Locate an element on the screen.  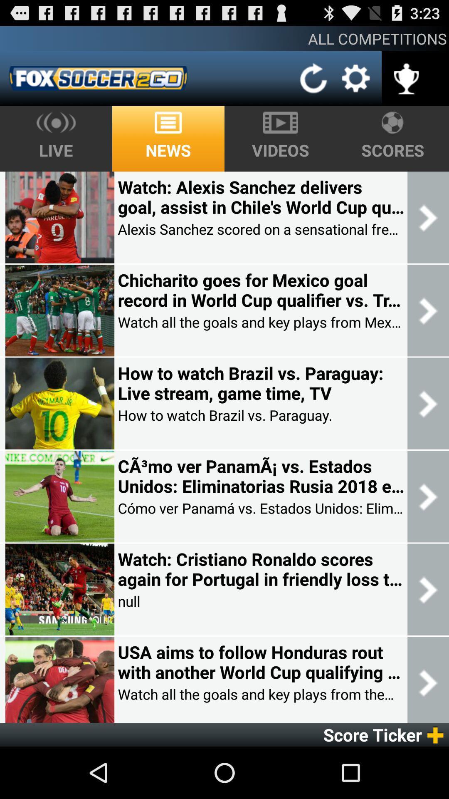
the item below the all competitions item is located at coordinates (355, 78).